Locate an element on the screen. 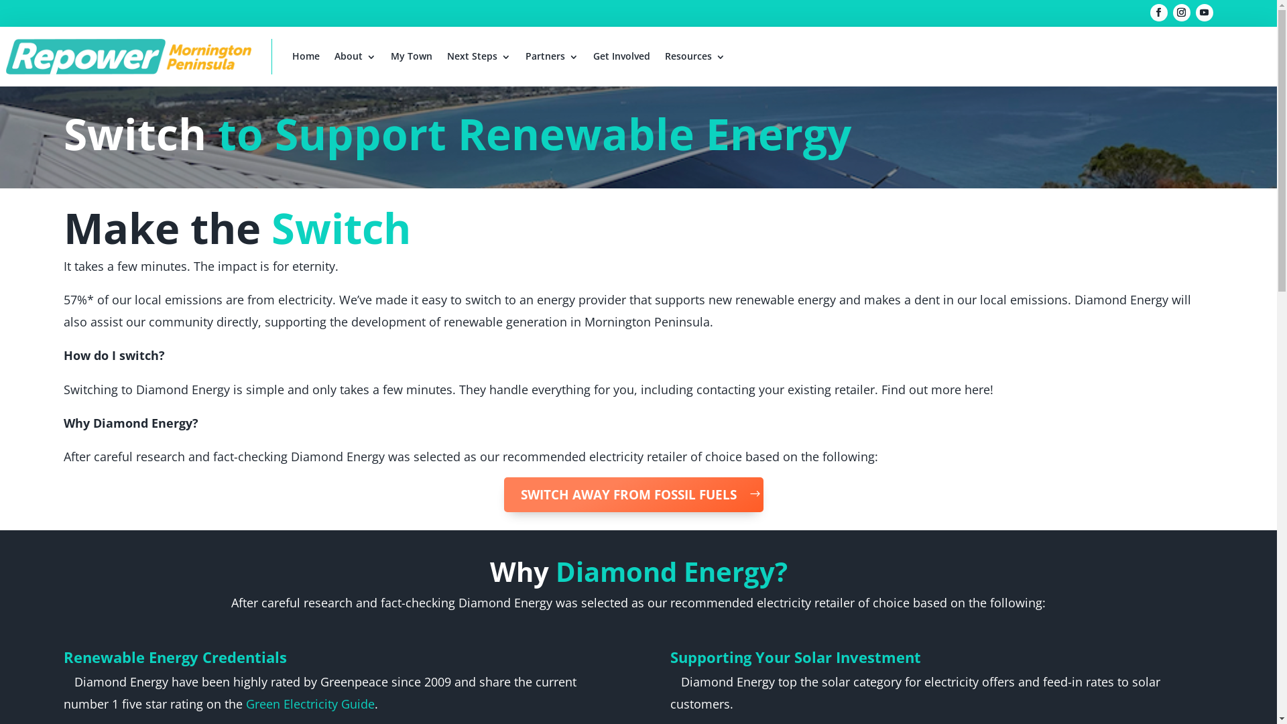 Image resolution: width=1287 pixels, height=724 pixels. 'Follow on Facebook' is located at coordinates (1158, 13).